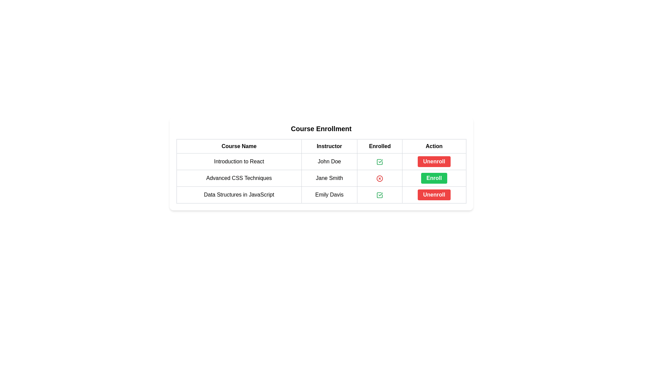 This screenshot has height=366, width=651. Describe the element at coordinates (329, 195) in the screenshot. I see `the text label displaying the instructor's name for the course 'Data Structures in JavaScript' located in the 'Instructor' column of the table` at that location.